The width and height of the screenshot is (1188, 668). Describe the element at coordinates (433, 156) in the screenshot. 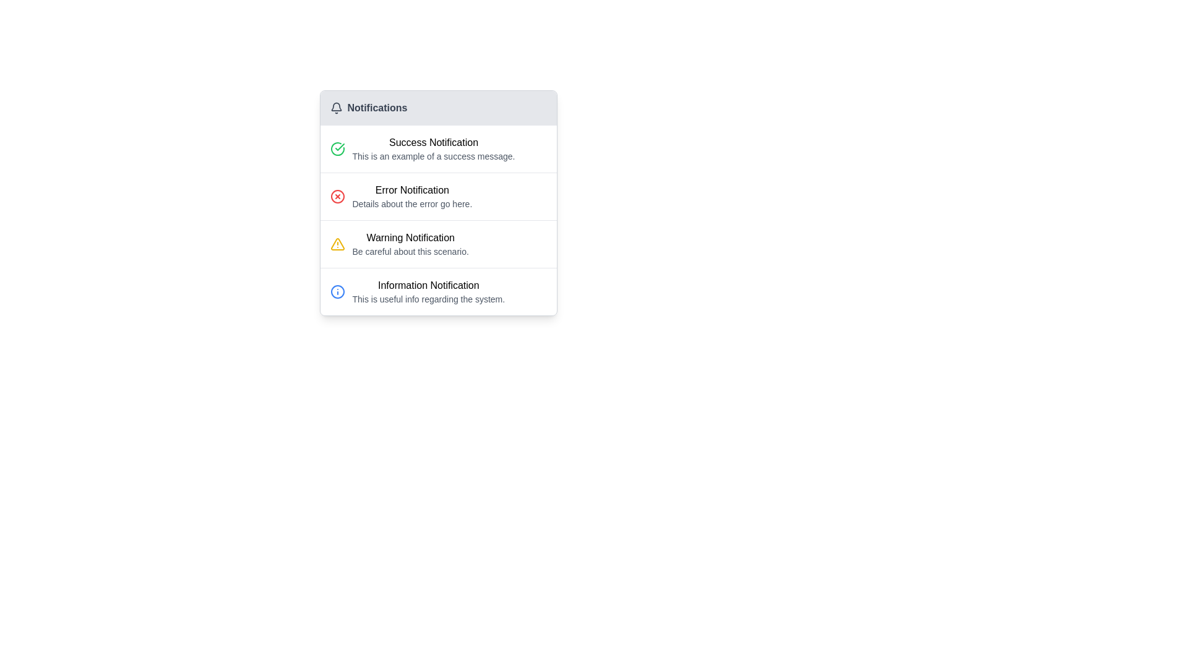

I see `success notification text content located beneath the title 'Success Notification' in the notification interface` at that location.